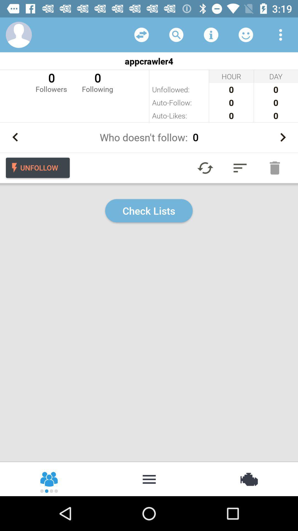 Image resolution: width=298 pixels, height=531 pixels. What do you see at coordinates (18, 34) in the screenshot?
I see `icon above the appcrawler4 item` at bounding box center [18, 34].